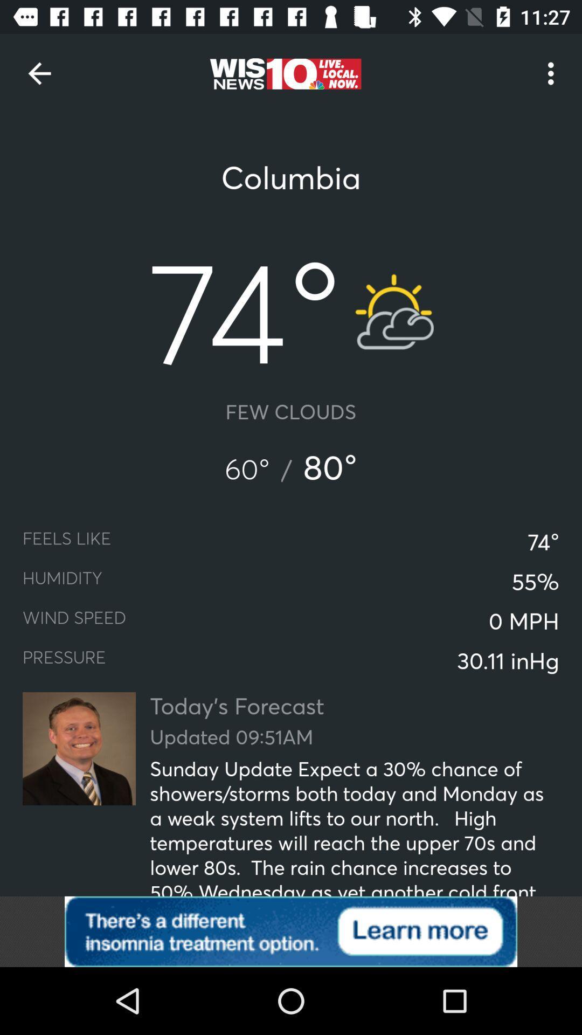 The width and height of the screenshot is (582, 1035). What do you see at coordinates (285, 73) in the screenshot?
I see `website logo right side to back arrow on top of page` at bounding box center [285, 73].